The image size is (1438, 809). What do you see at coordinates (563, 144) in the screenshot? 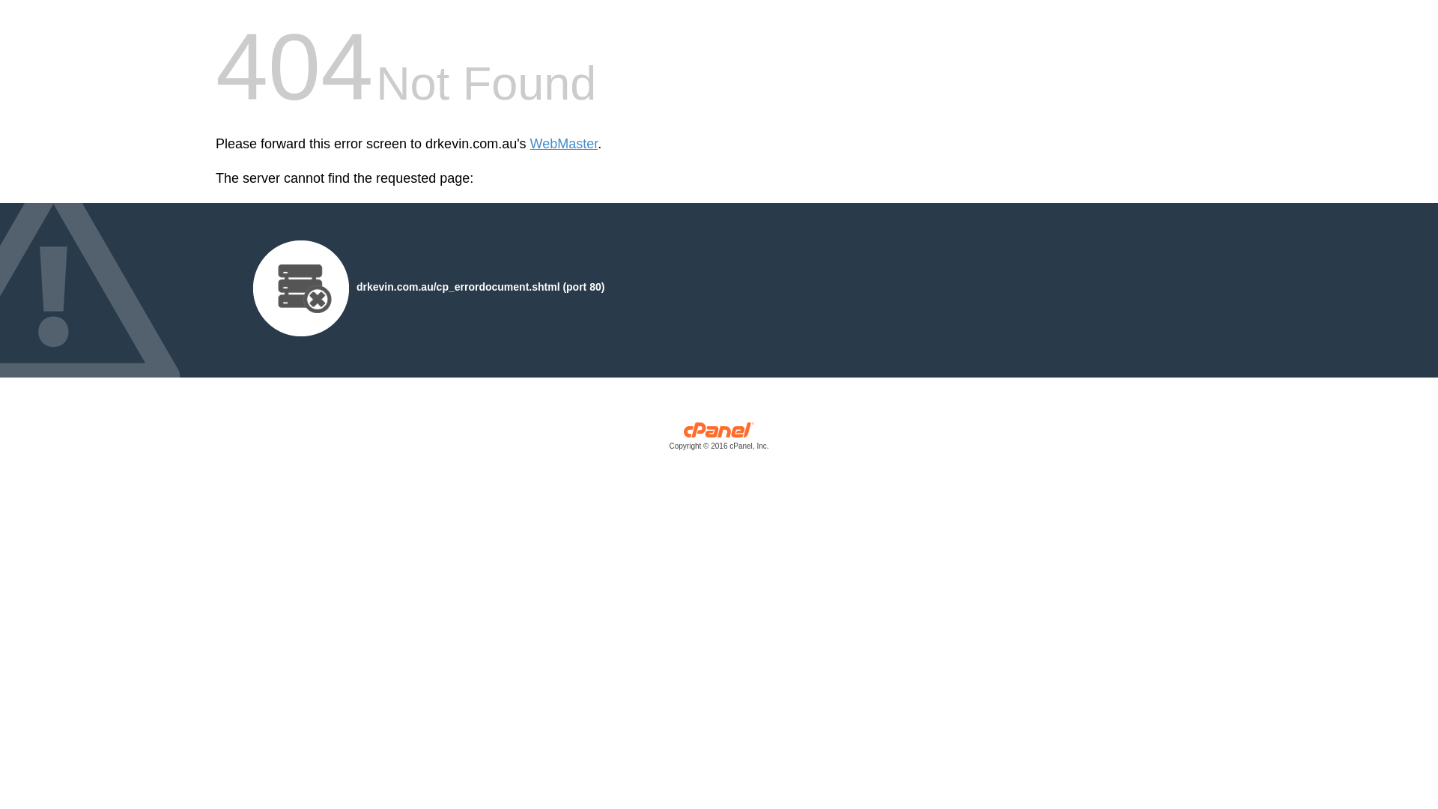
I see `'WebMaster'` at bounding box center [563, 144].